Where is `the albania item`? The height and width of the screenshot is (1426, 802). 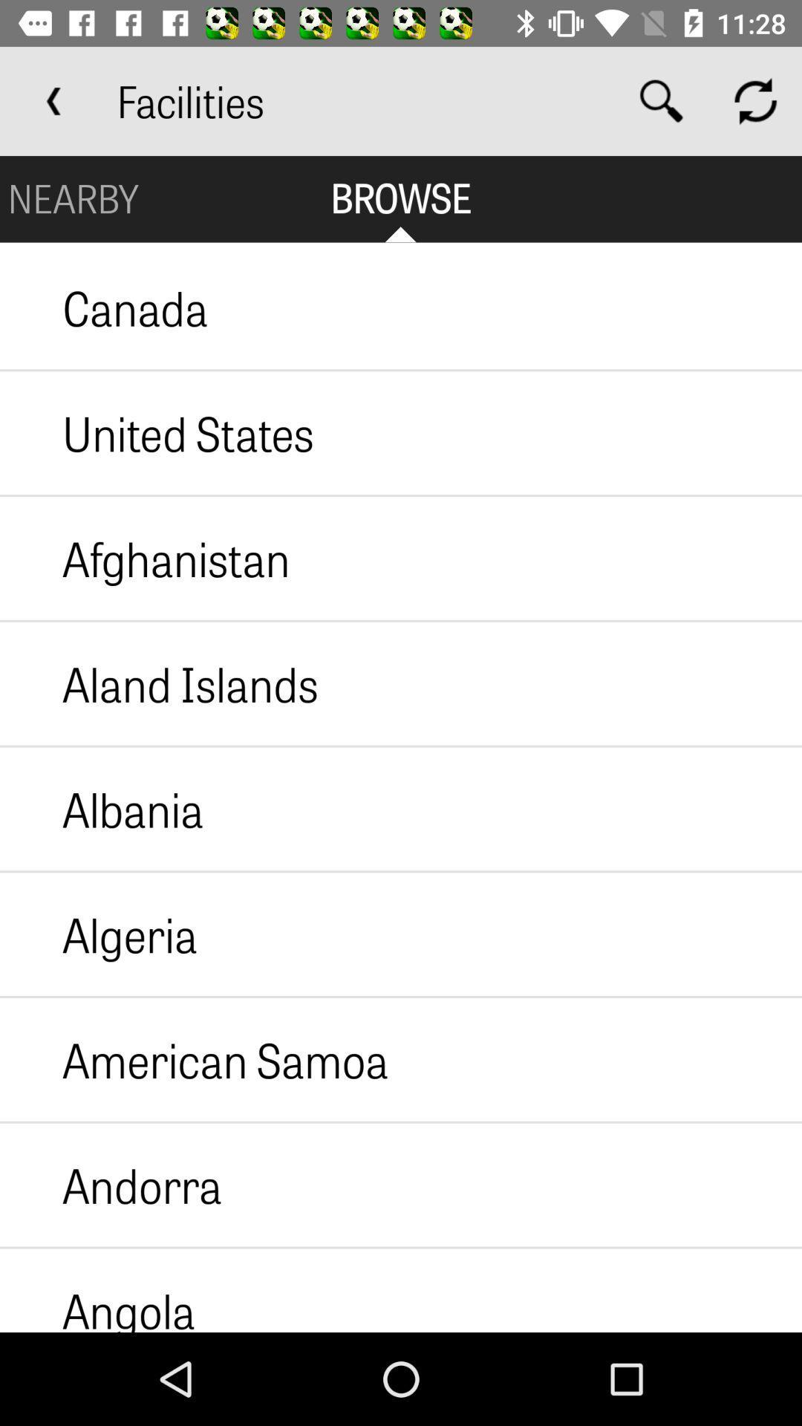 the albania item is located at coordinates (101, 808).